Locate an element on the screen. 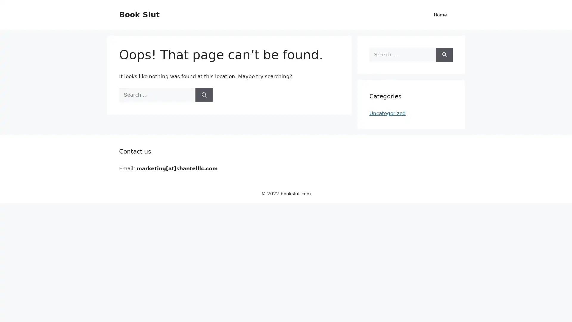 The height and width of the screenshot is (322, 572). Search is located at coordinates (444, 55).